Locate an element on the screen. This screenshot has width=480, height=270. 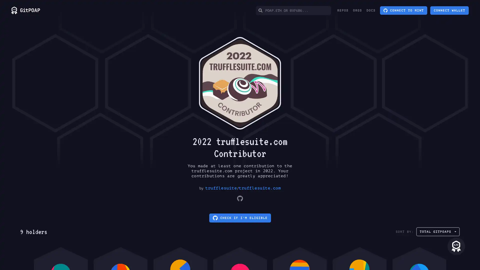
CHECK IF I'M ELIGIBLE is located at coordinates (239, 217).